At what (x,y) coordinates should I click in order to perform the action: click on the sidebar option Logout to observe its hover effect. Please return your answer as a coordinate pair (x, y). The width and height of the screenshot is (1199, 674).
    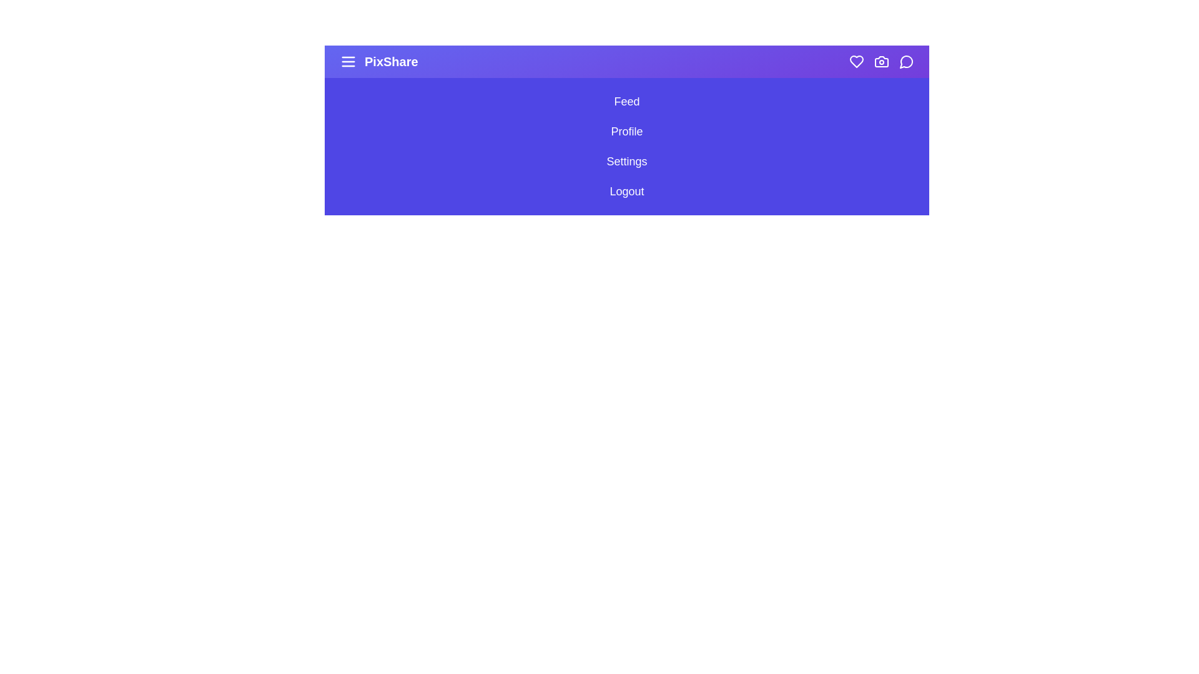
    Looking at the image, I should click on (626, 192).